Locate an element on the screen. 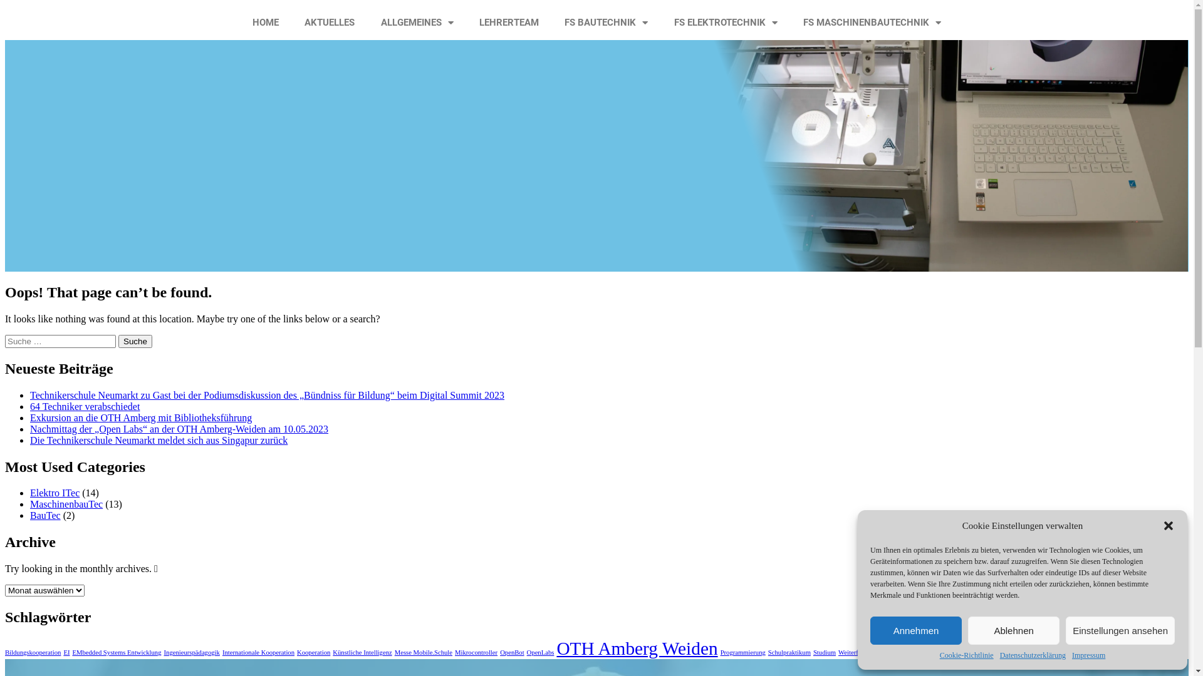 The height and width of the screenshot is (676, 1203). 'Elektro ITec' is located at coordinates (30, 492).